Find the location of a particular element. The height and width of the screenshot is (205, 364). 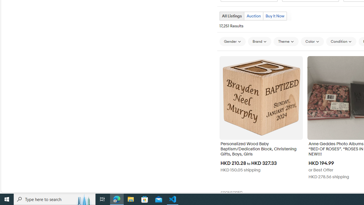

'All Listings Current view' is located at coordinates (232, 16).